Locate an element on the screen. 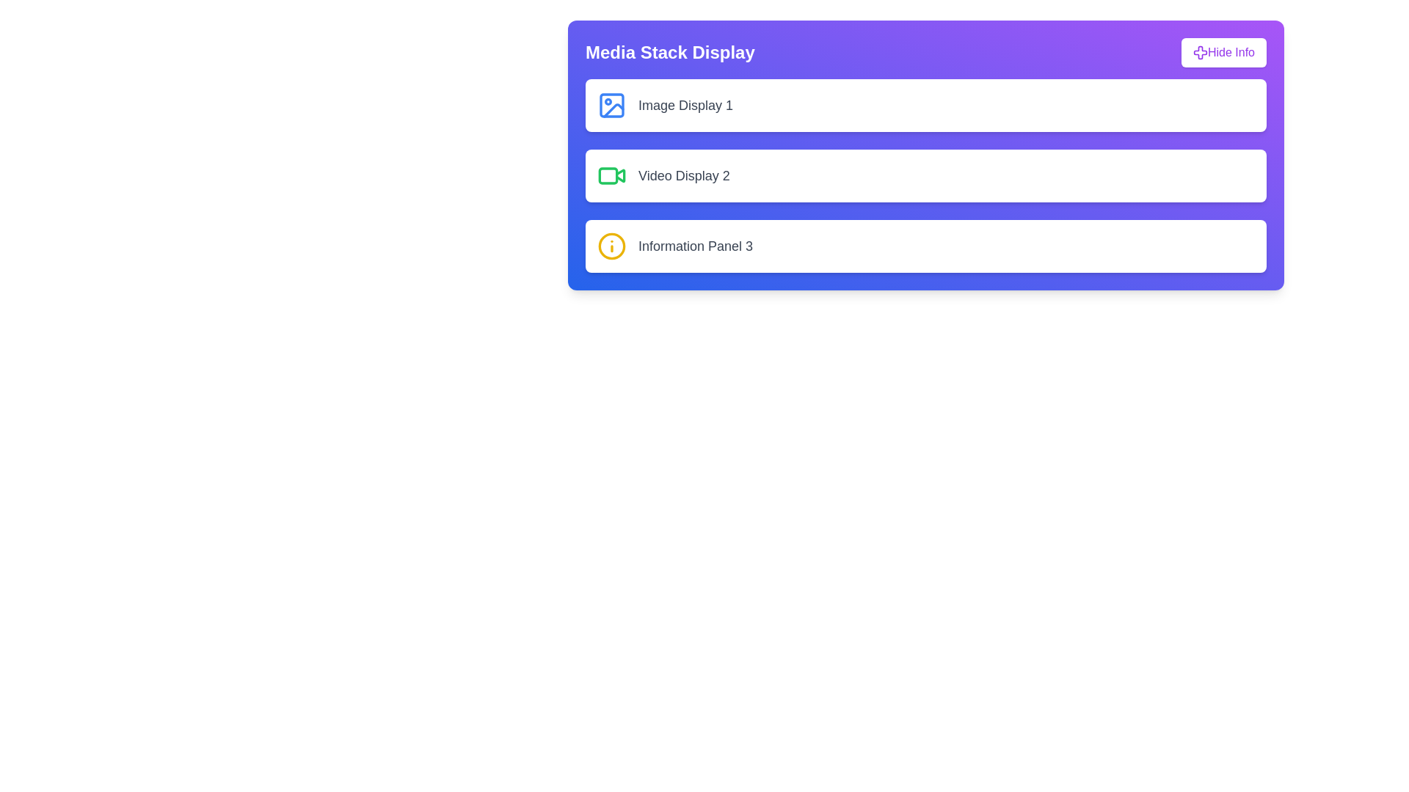 The image size is (1409, 792). the decorative shape (rectangular with rounded corners) located at the top-left corner inside the image frame icon in the 'Media Stack Display' section is located at coordinates (612, 104).